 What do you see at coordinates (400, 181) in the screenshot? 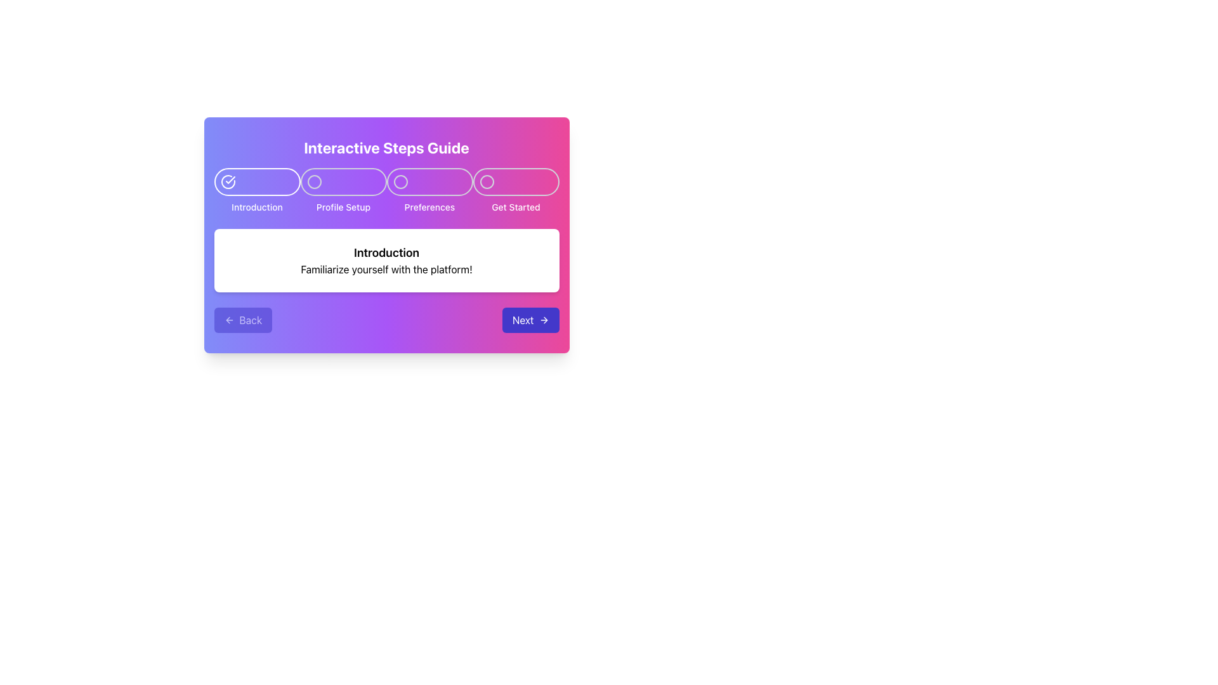
I see `the third circular Progress Step Indicator in the step navigation interface, which is styled with a clean, minimalistic design and features a thin circular outline with a central dot` at bounding box center [400, 181].